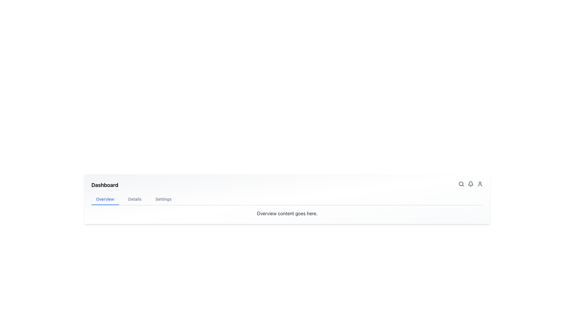 The width and height of the screenshot is (561, 315). What do you see at coordinates (134, 199) in the screenshot?
I see `the 'Details' navigation tab, which is the second tab in a row of three horizontal tabs under the 'Dashboard' header` at bounding box center [134, 199].